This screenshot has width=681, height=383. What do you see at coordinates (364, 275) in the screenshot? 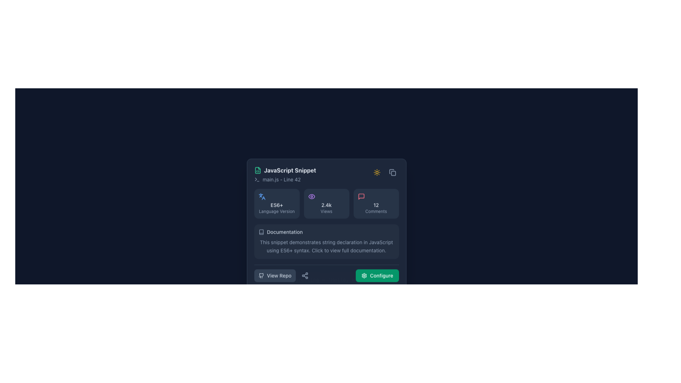
I see `the gear icon, which signifies settings` at bounding box center [364, 275].